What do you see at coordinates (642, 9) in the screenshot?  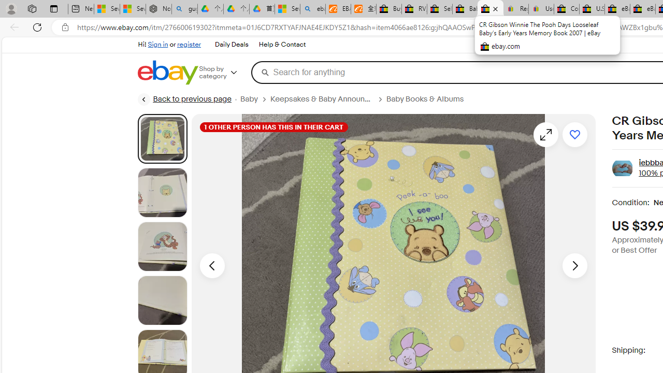 I see `'eBay Inc. Reports Third Quarter 2023 Results'` at bounding box center [642, 9].